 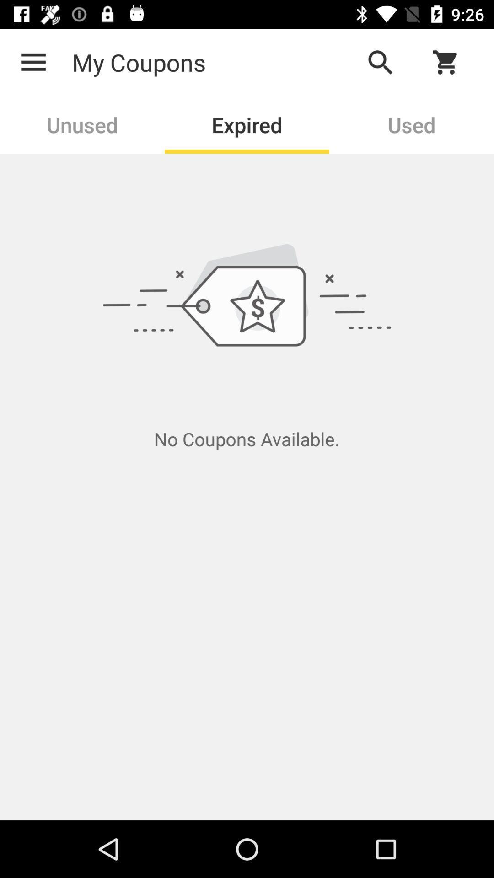 What do you see at coordinates (380, 62) in the screenshot?
I see `the icon above the used item` at bounding box center [380, 62].